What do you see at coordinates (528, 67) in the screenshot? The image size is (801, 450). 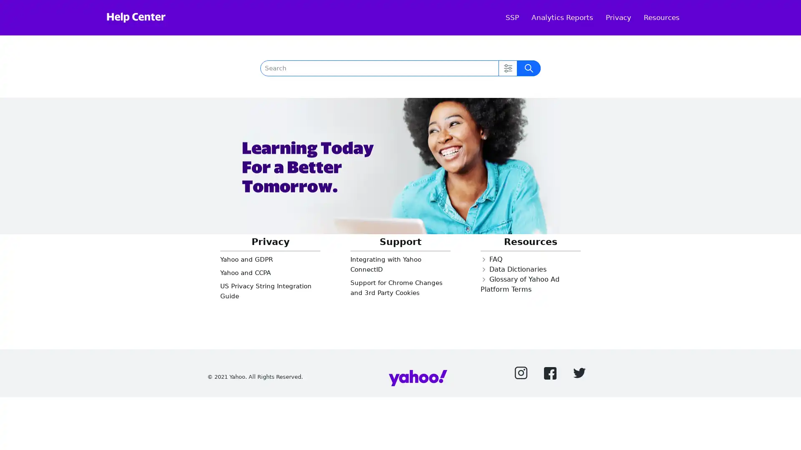 I see `Submit Search` at bounding box center [528, 67].